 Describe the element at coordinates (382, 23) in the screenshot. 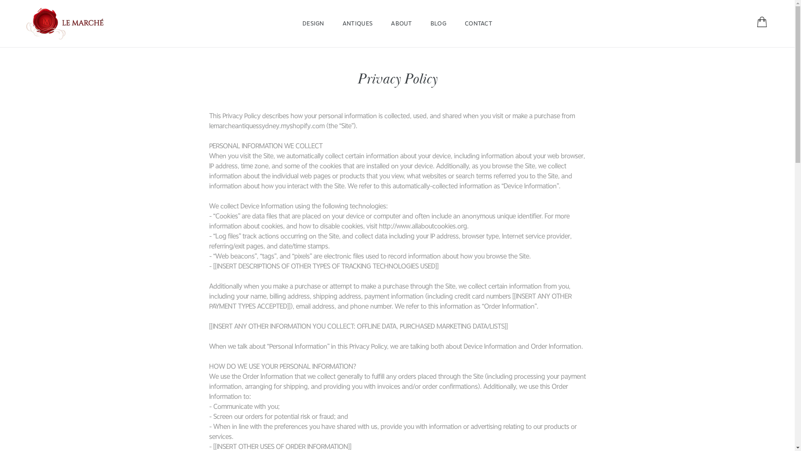

I see `'ABOUT'` at that location.